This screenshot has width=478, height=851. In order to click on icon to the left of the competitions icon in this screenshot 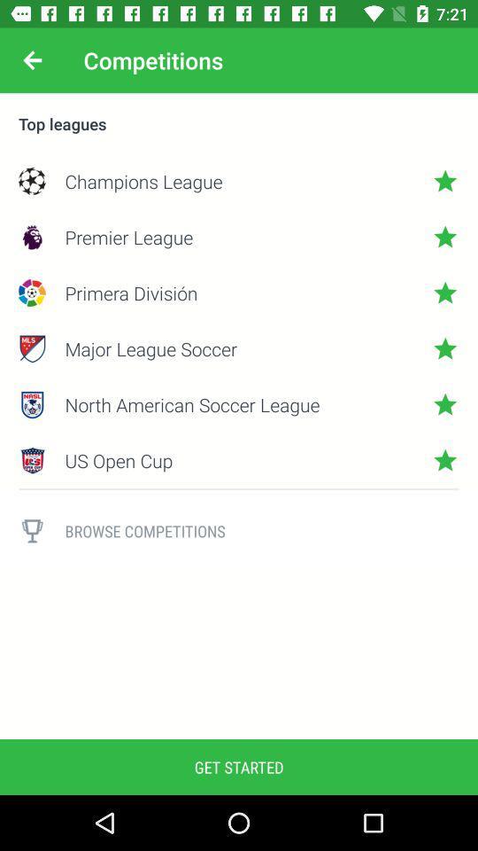, I will do `click(32, 60)`.